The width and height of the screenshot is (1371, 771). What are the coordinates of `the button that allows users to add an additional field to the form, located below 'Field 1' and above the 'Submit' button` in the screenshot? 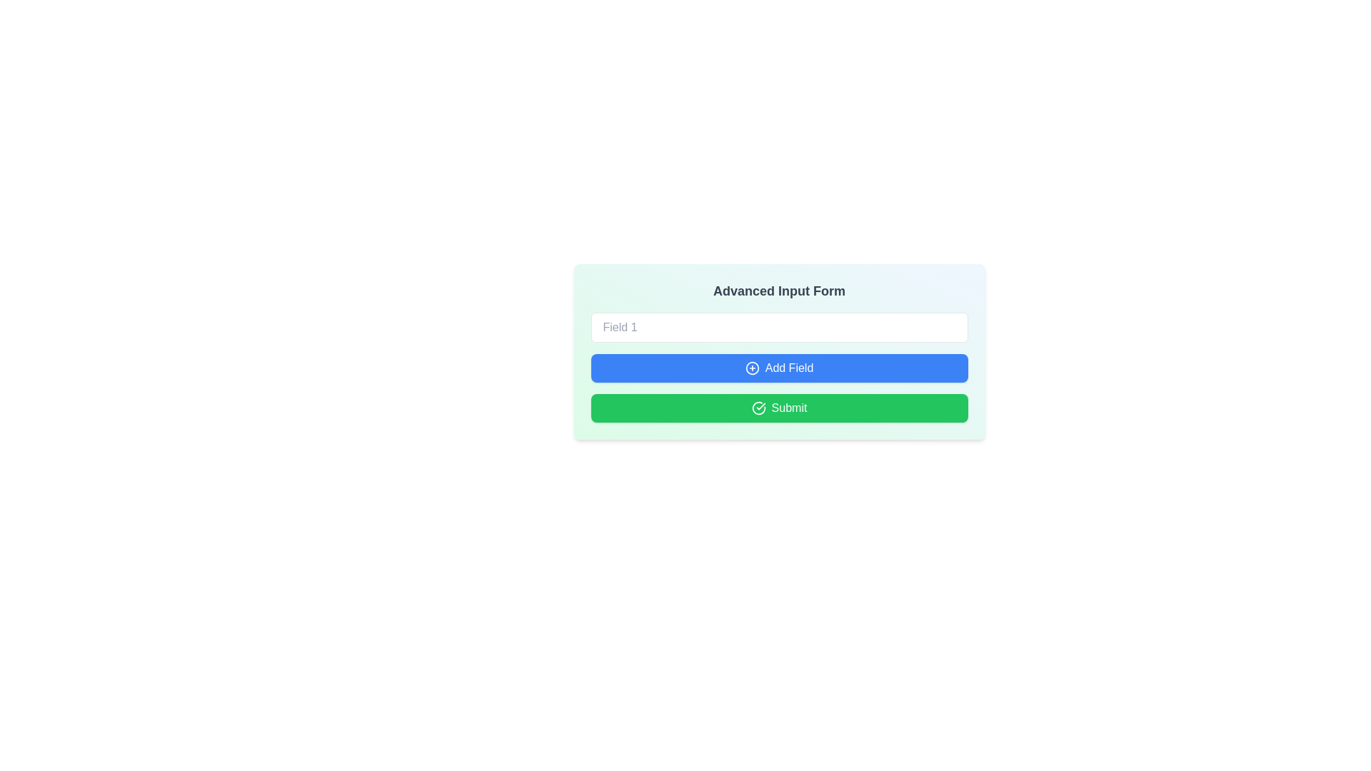 It's located at (778, 368).